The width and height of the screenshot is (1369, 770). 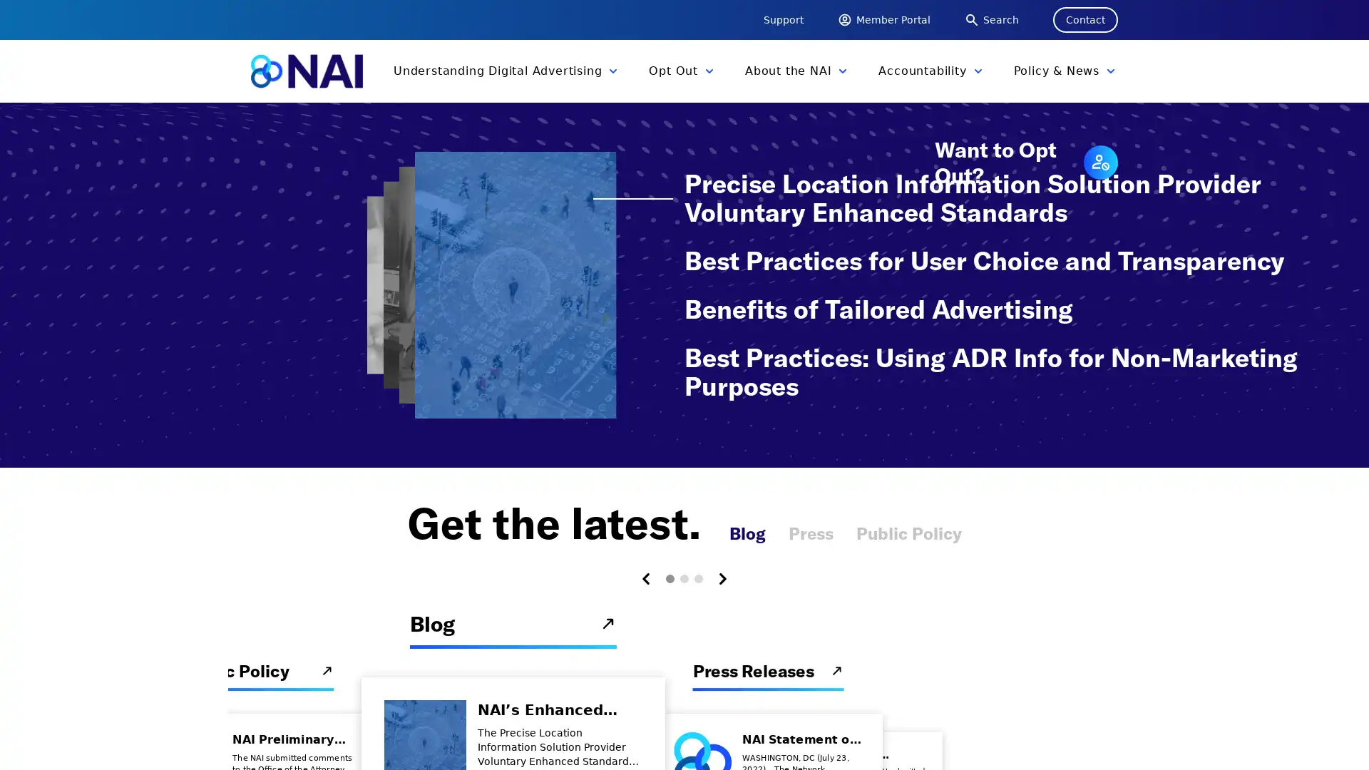 What do you see at coordinates (746, 533) in the screenshot?
I see `Blog` at bounding box center [746, 533].